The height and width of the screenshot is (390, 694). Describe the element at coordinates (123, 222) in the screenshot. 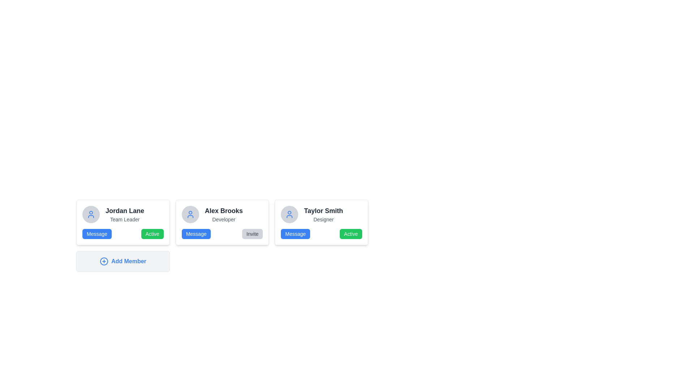

I see `the green 'Active' button at the bottom of the first card component, which contains the name 'Jordan Lane' and is positioned above the 'Add Member' button` at that location.